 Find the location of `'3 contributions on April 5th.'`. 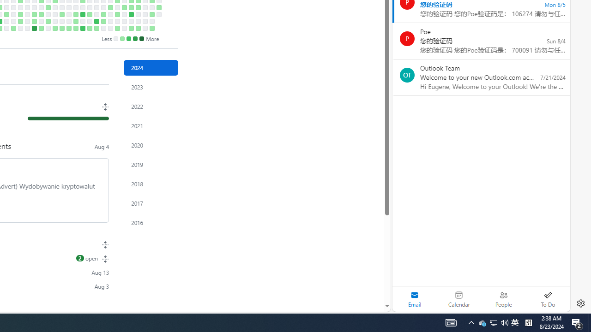

'3 contributions on April 5th.' is located at coordinates (20, 21).